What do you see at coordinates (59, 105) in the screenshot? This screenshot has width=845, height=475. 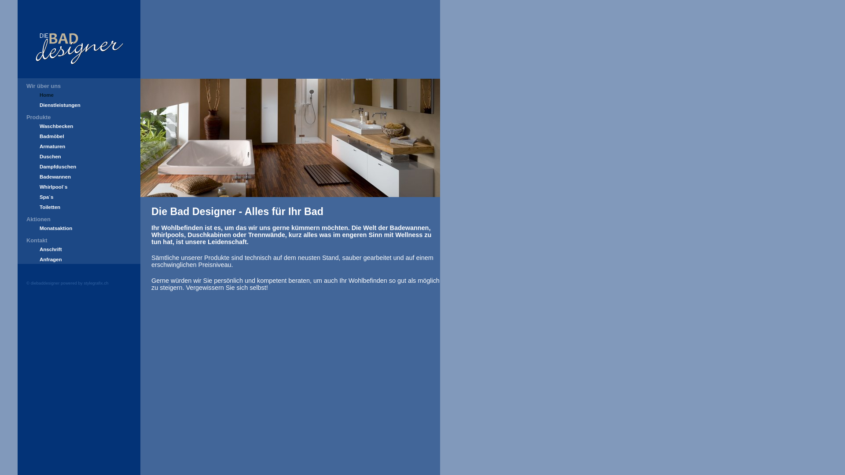 I see `'Dienstleistungen'` at bounding box center [59, 105].